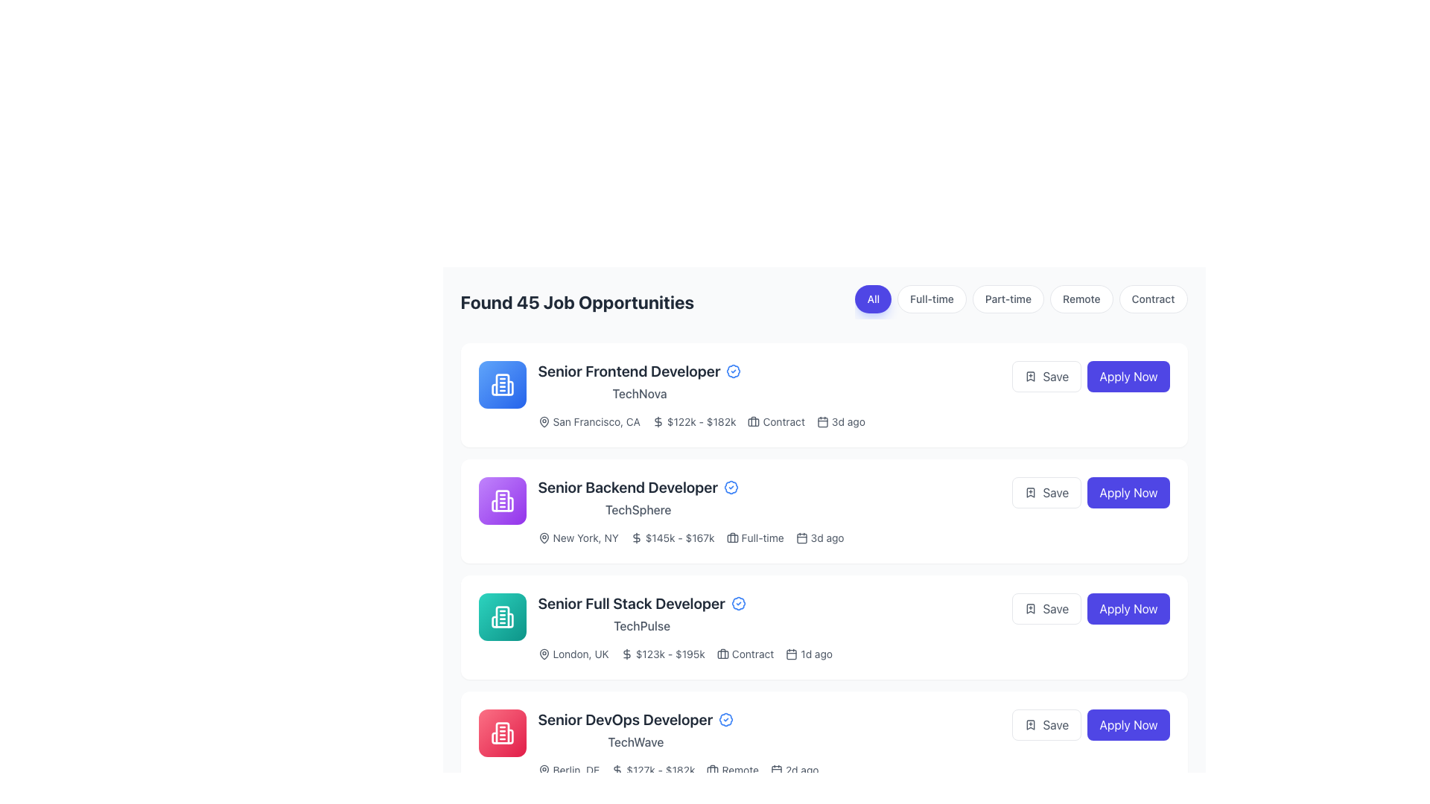 Image resolution: width=1430 pixels, height=804 pixels. What do you see at coordinates (502, 732) in the screenshot?
I see `the company icon in the fourth job listing for 'Senior DevOps Developer', which is visually represented under the job description with a rose-toned gradient background` at bounding box center [502, 732].